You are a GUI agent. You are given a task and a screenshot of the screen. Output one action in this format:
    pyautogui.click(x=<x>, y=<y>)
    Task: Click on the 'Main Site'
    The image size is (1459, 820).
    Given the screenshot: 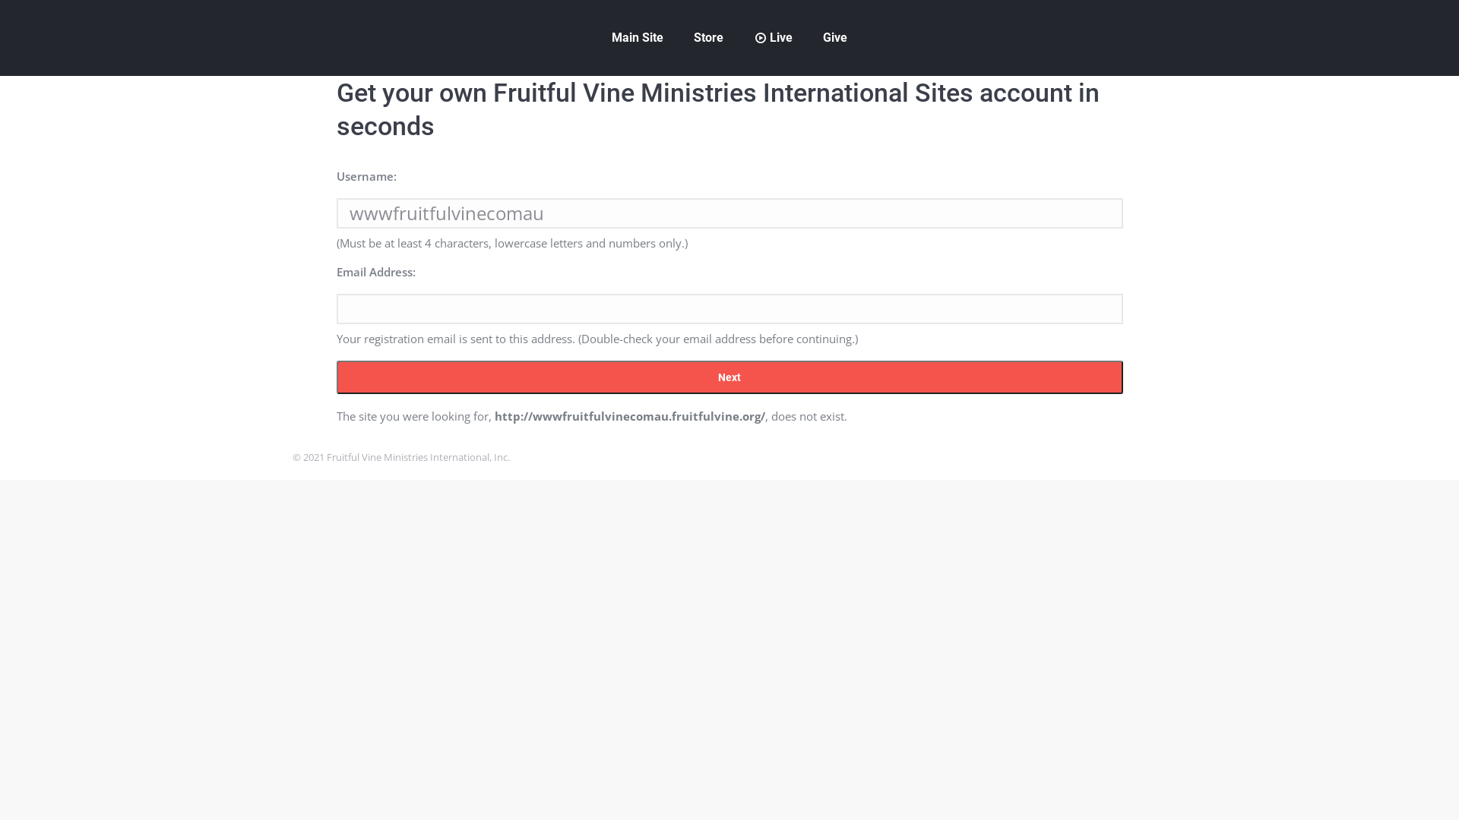 What is the action you would take?
    pyautogui.click(x=638, y=37)
    